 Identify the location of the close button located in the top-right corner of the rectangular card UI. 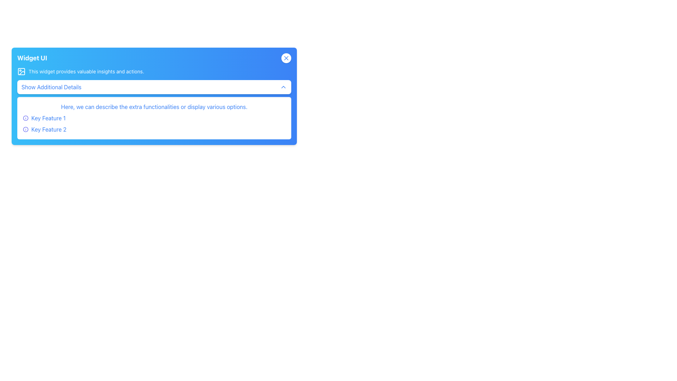
(286, 58).